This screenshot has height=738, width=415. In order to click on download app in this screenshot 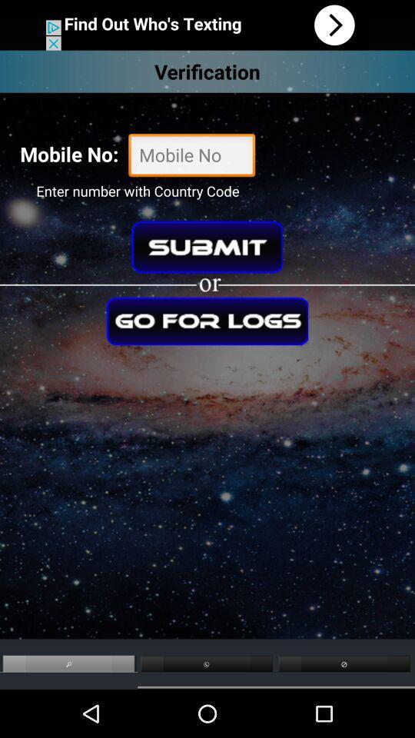, I will do `click(207, 24)`.